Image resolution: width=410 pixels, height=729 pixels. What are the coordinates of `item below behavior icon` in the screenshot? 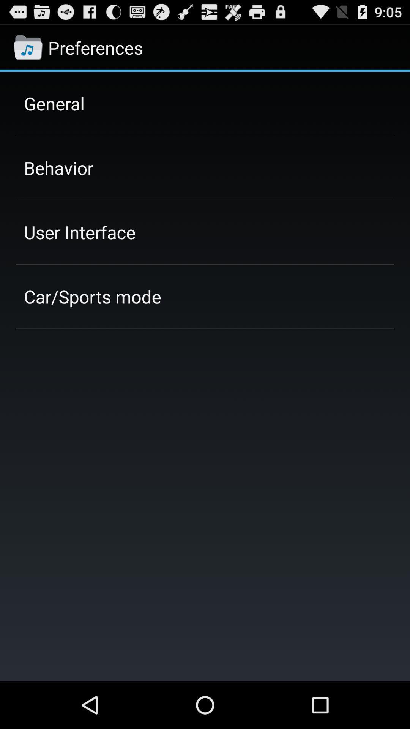 It's located at (79, 232).